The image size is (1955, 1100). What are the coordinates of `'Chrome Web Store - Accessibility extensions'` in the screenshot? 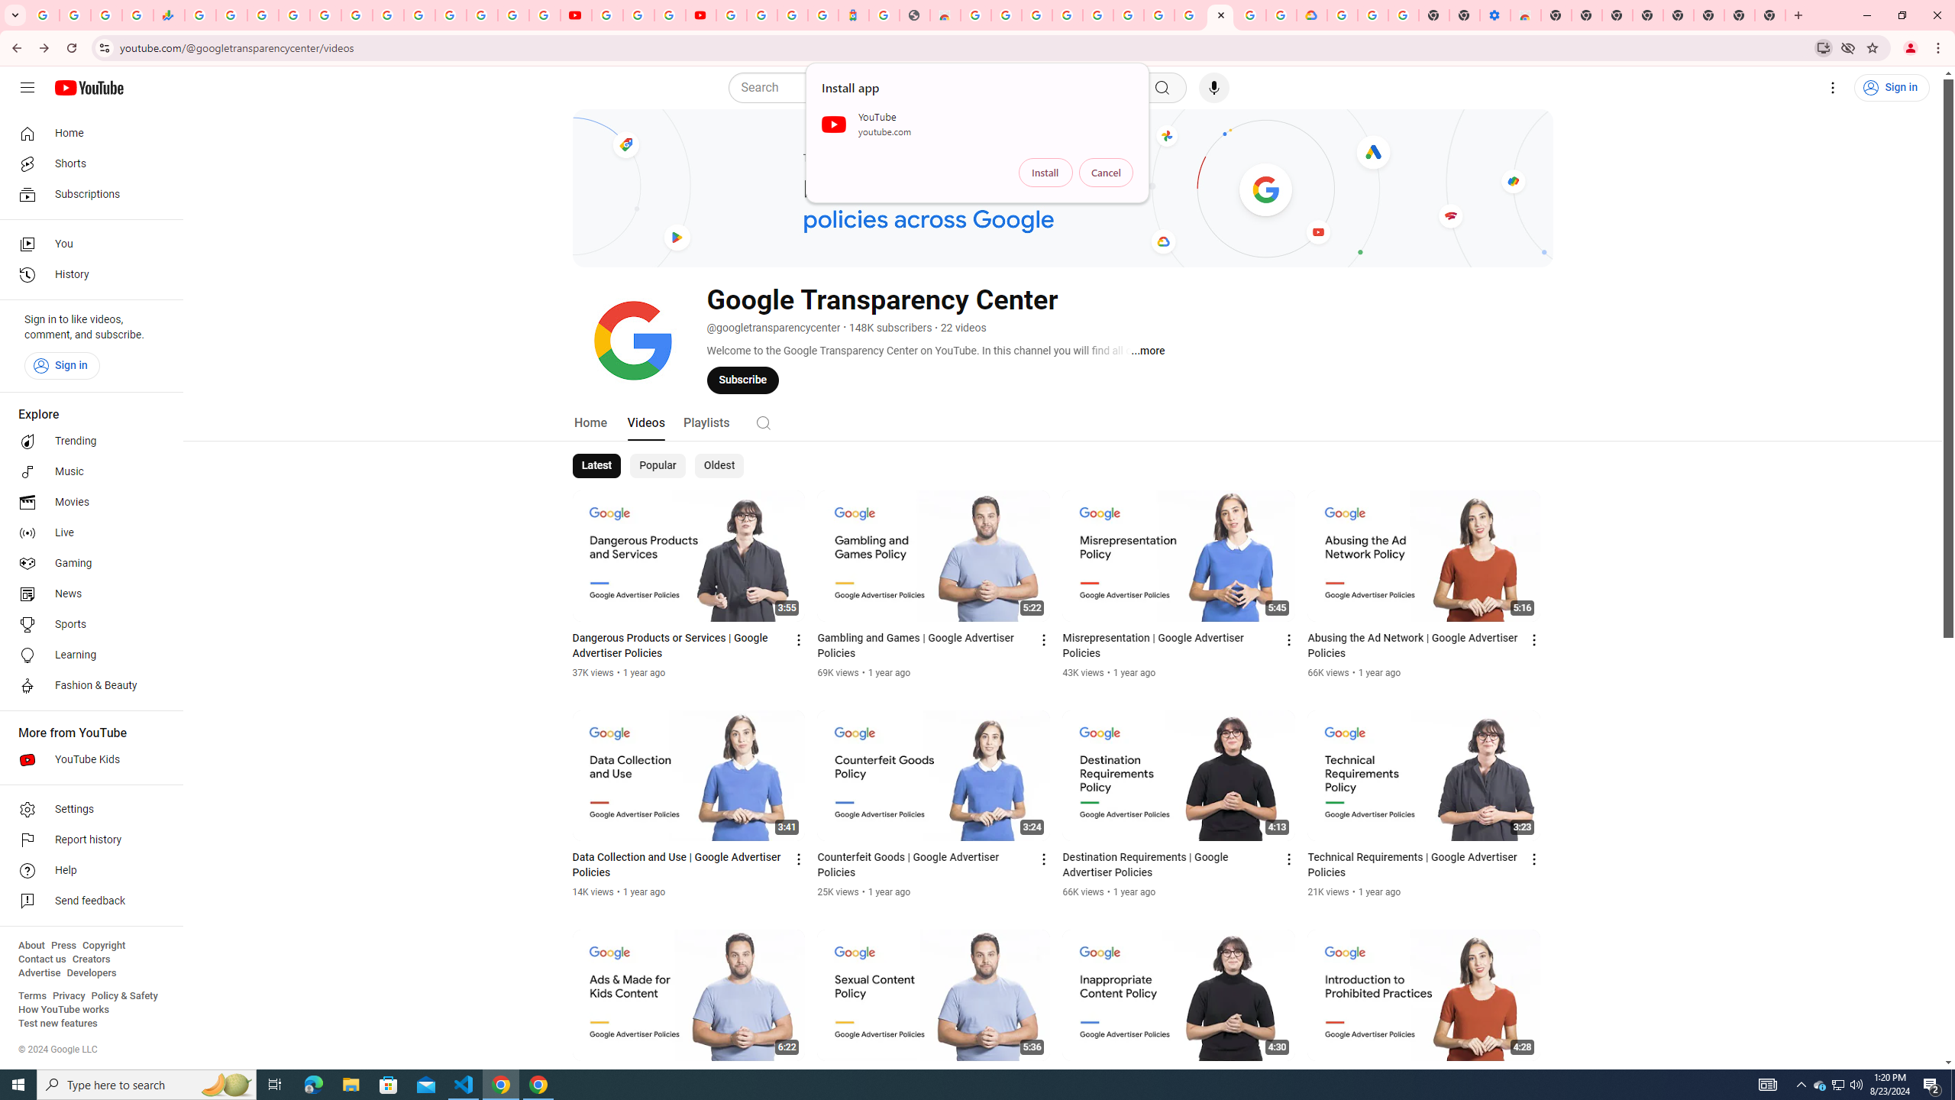 It's located at (1525, 15).